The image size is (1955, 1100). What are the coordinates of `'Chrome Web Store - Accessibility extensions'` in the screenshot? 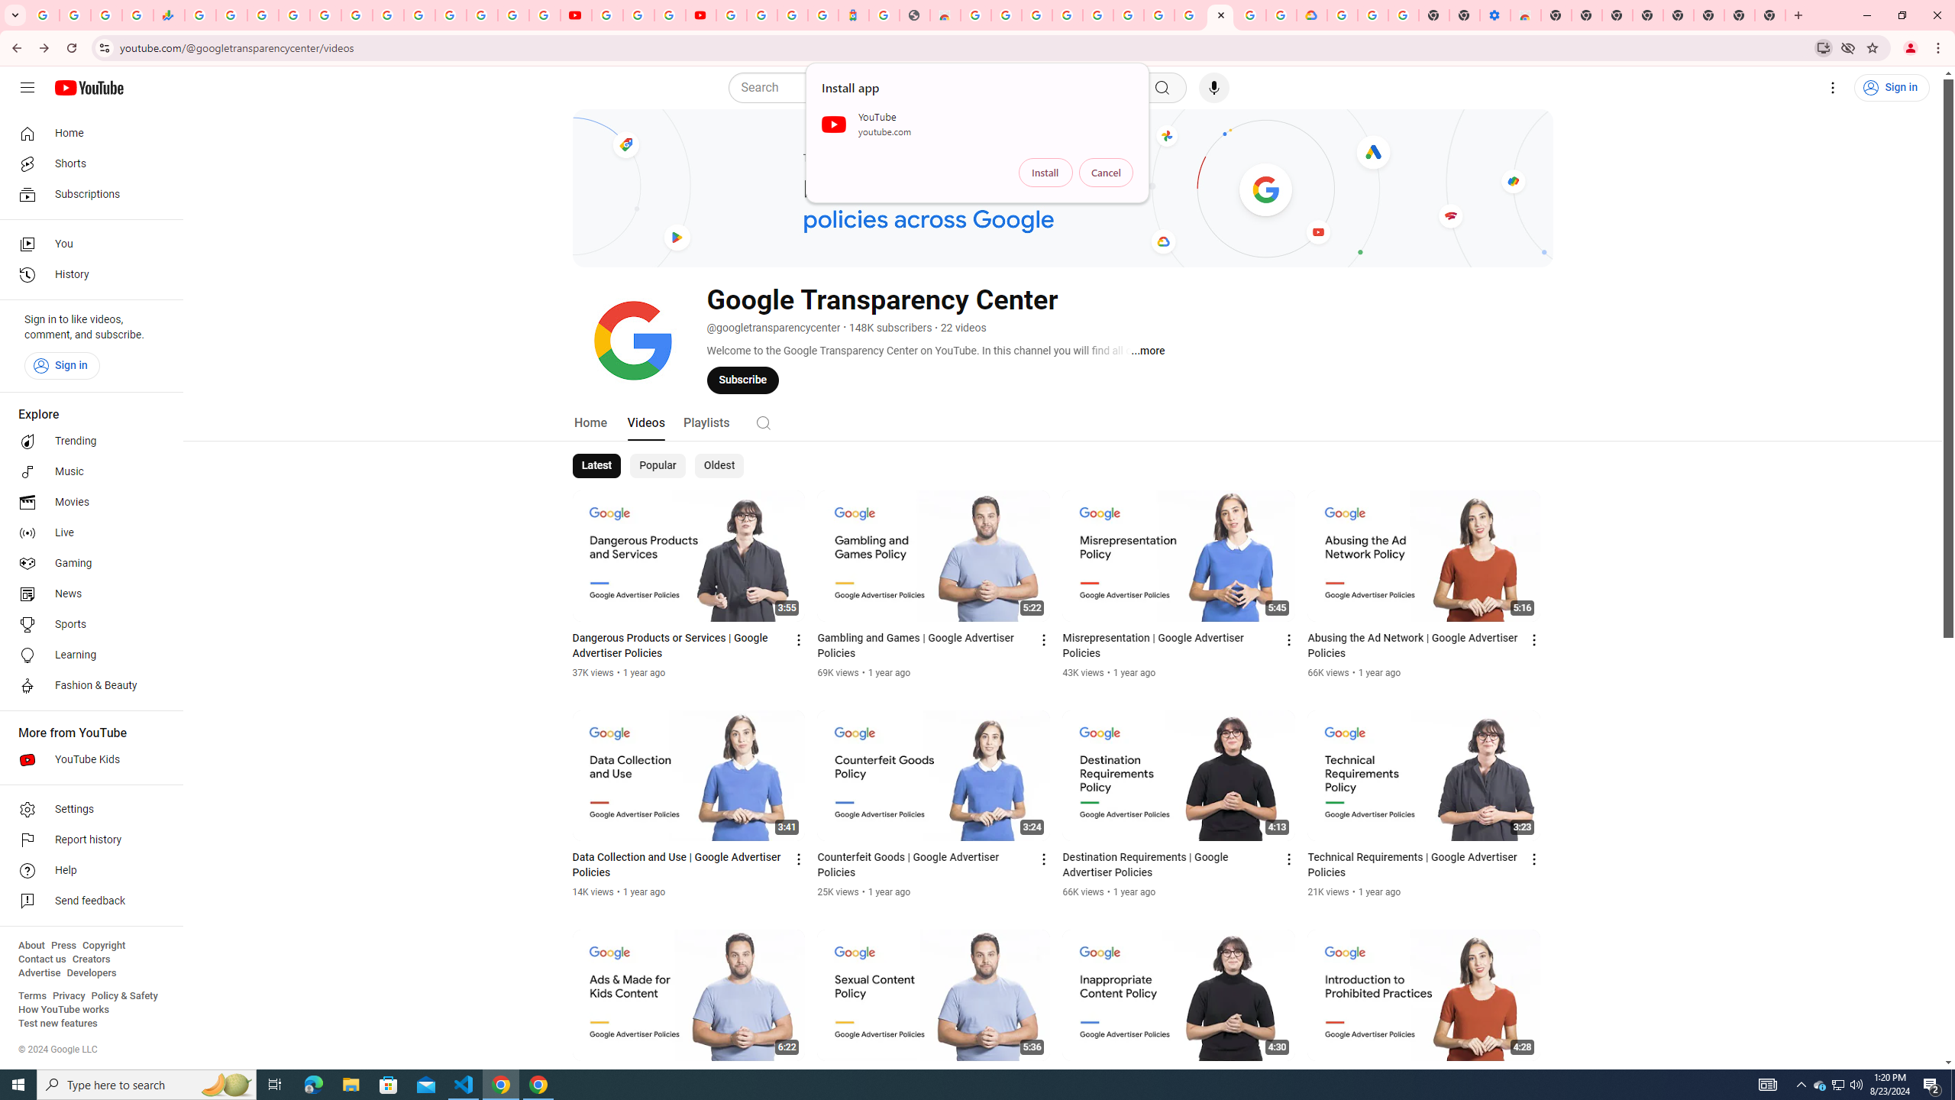 It's located at (1525, 15).